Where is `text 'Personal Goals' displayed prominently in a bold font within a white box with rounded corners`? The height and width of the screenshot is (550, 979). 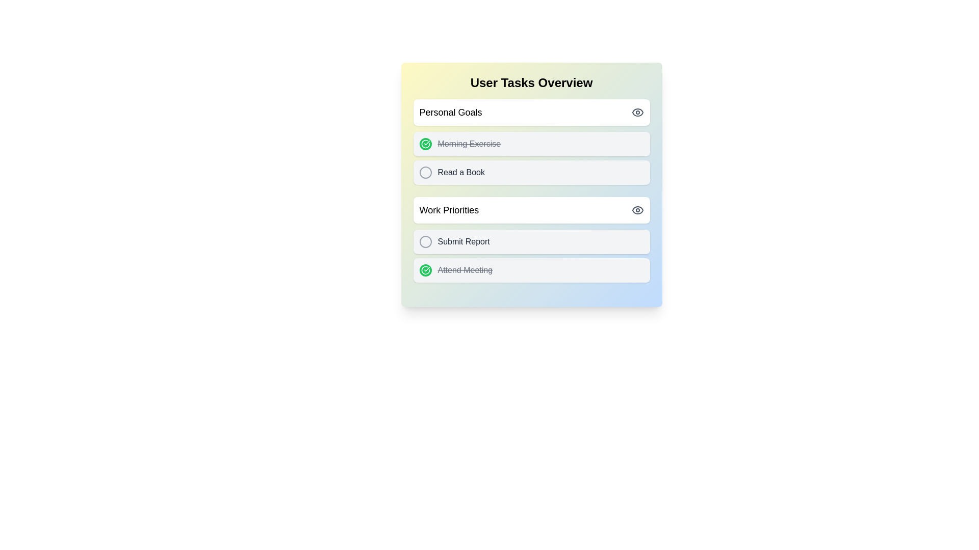
text 'Personal Goals' displayed prominently in a bold font within a white box with rounded corners is located at coordinates (450, 112).